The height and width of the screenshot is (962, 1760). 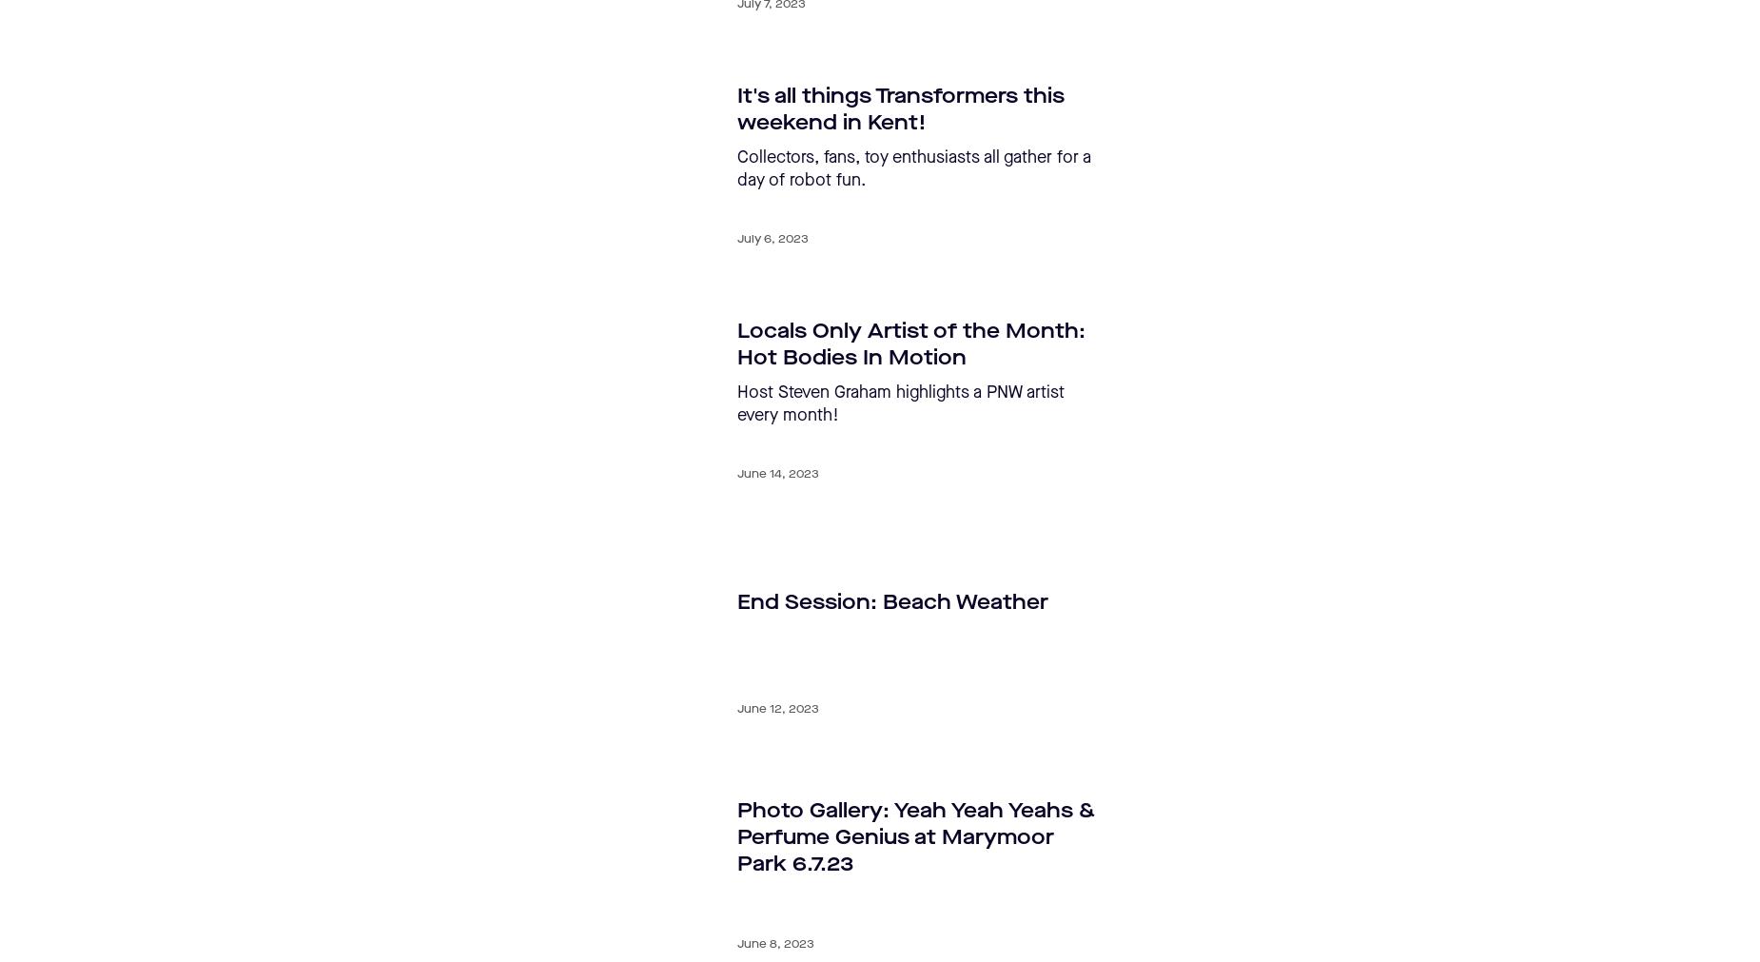 I want to click on 'June 8, 2023', so click(x=775, y=943).